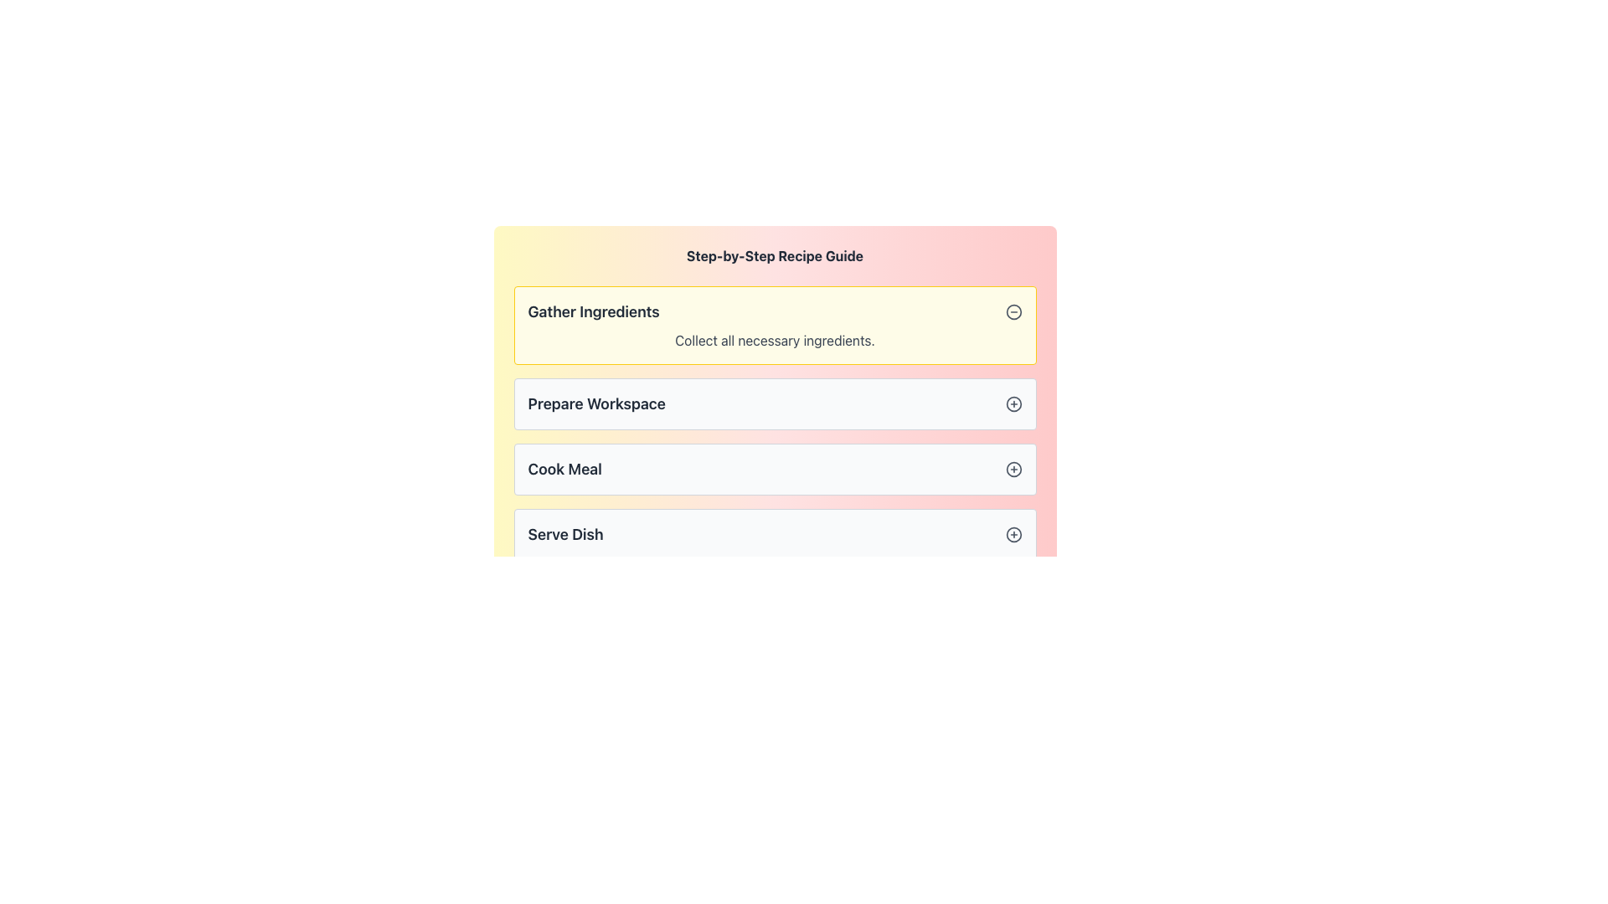 This screenshot has width=1608, height=904. What do you see at coordinates (1013, 403) in the screenshot?
I see `the circular iconographic shape located in the 'Prepare Workspace' section of the interface` at bounding box center [1013, 403].